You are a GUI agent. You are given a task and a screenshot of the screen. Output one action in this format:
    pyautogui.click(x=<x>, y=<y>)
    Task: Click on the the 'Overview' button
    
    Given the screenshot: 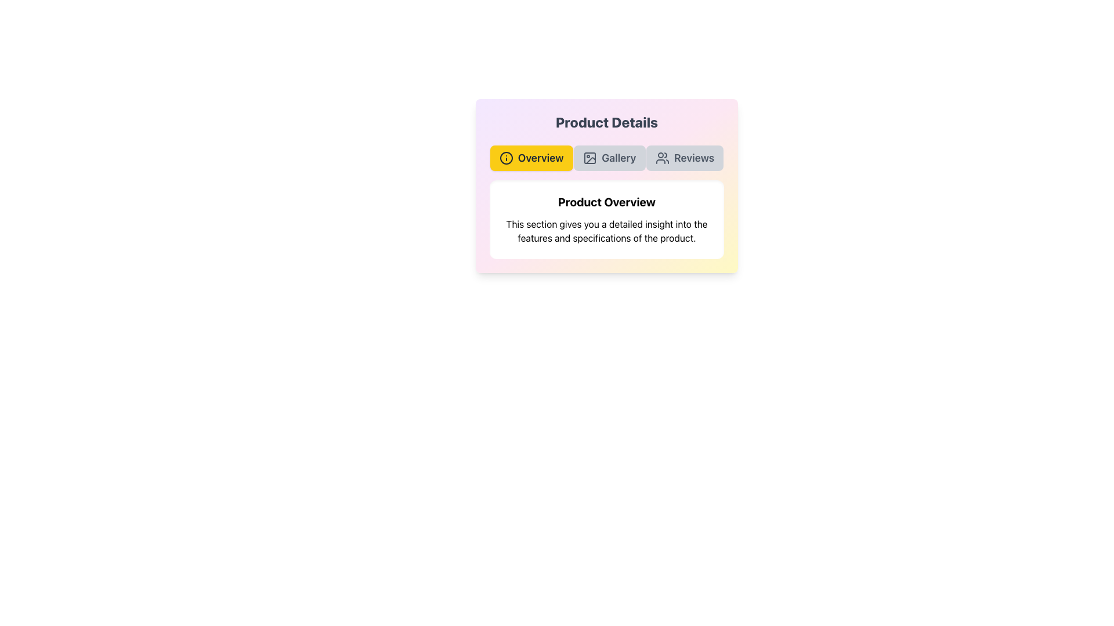 What is the action you would take?
    pyautogui.click(x=531, y=158)
    